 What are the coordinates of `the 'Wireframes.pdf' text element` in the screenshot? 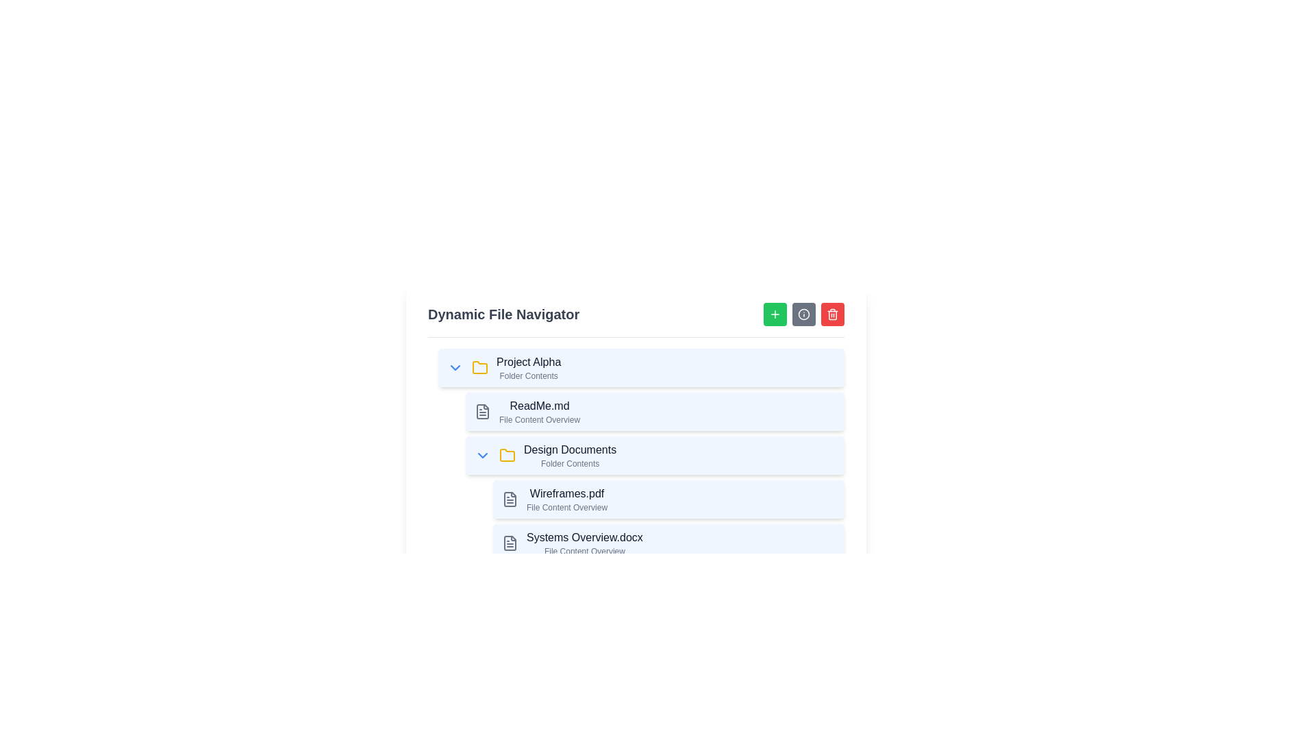 It's located at (567, 500).